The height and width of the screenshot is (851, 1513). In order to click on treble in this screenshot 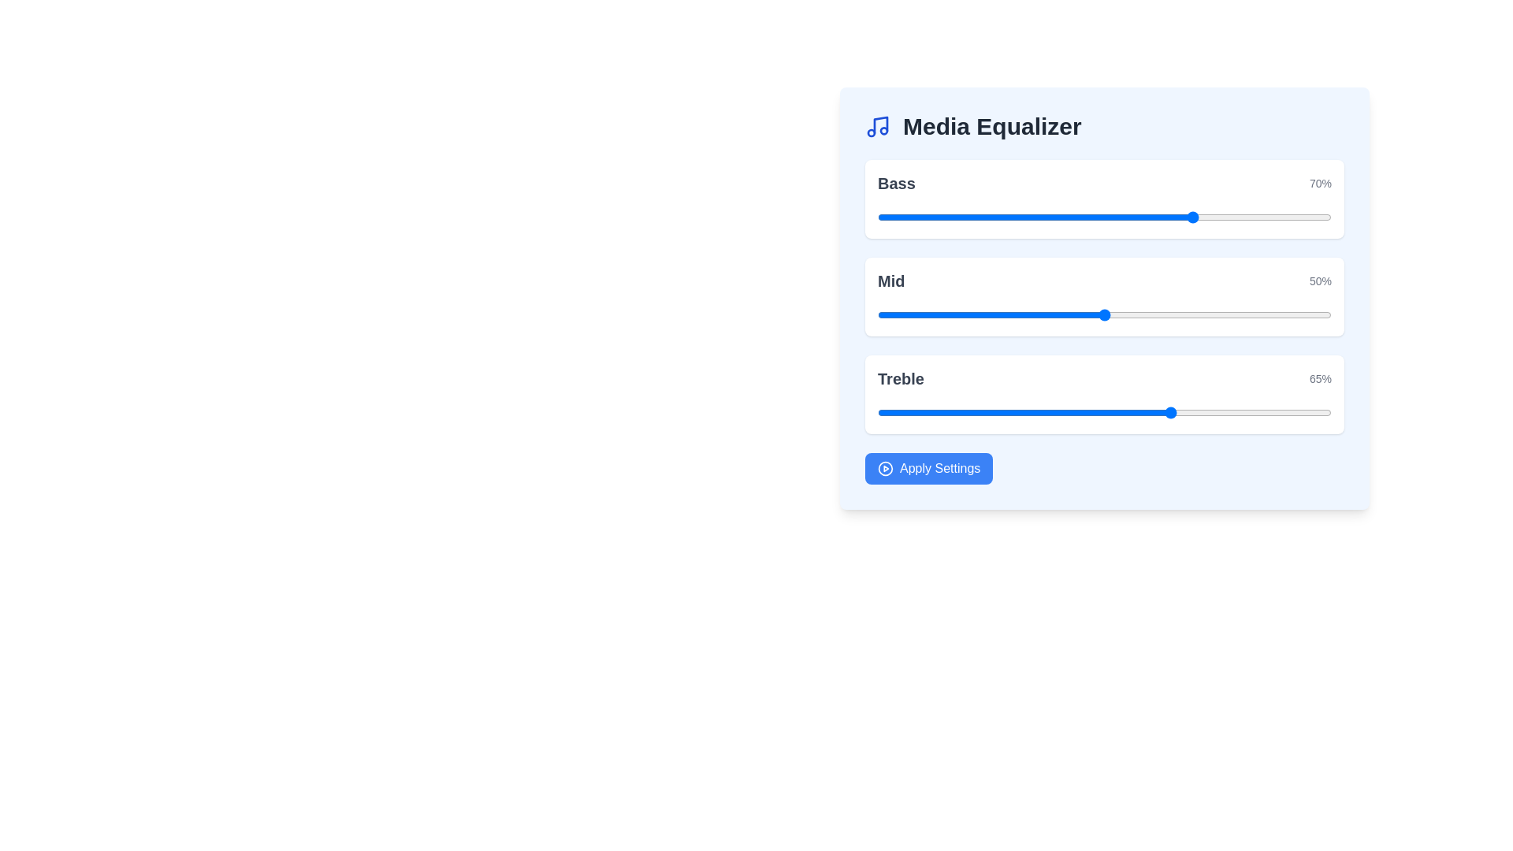, I will do `click(1150, 412)`.